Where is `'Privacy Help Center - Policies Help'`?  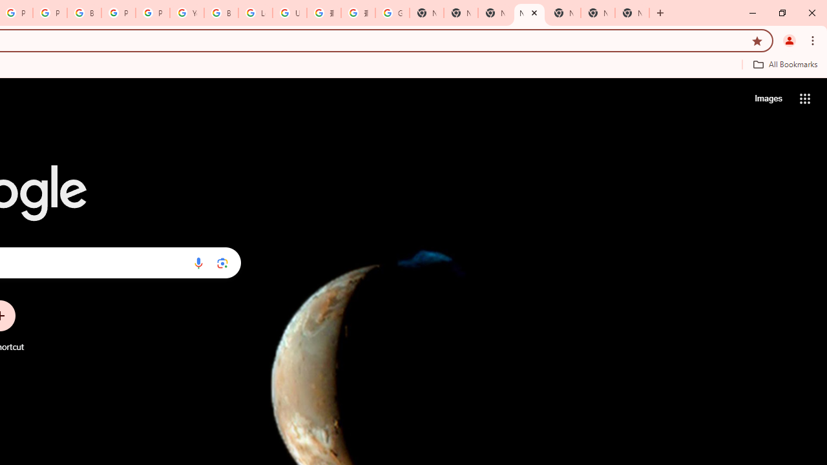
'Privacy Help Center - Policies Help' is located at coordinates (50, 13).